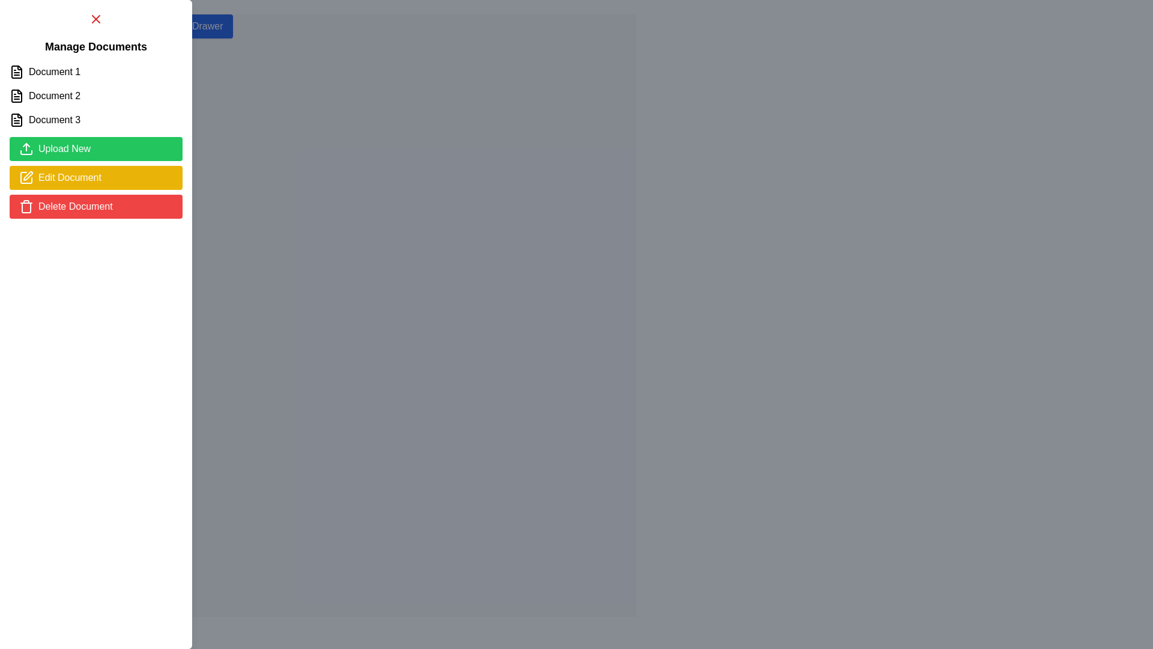 This screenshot has height=649, width=1153. Describe the element at coordinates (95, 46) in the screenshot. I see `the text label or heading that serves as a title in the drawer interface, located near the top and centered horizontally` at that location.